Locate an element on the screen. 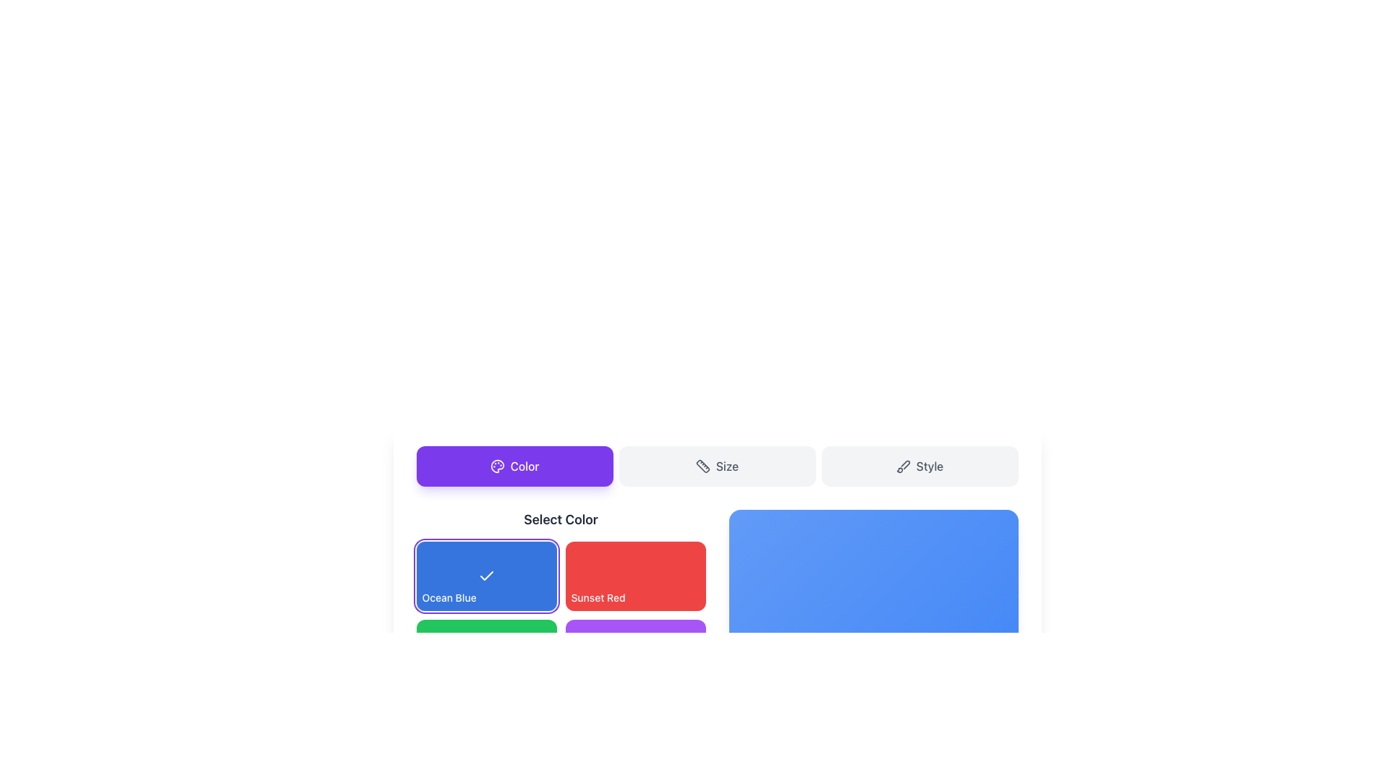 The image size is (1389, 781). the checkmark indicating that the 'Ocean Blue' option is currently selected, which is located inside the blue rectangle labeled 'Ocean Blue' is located at coordinates (486, 575).